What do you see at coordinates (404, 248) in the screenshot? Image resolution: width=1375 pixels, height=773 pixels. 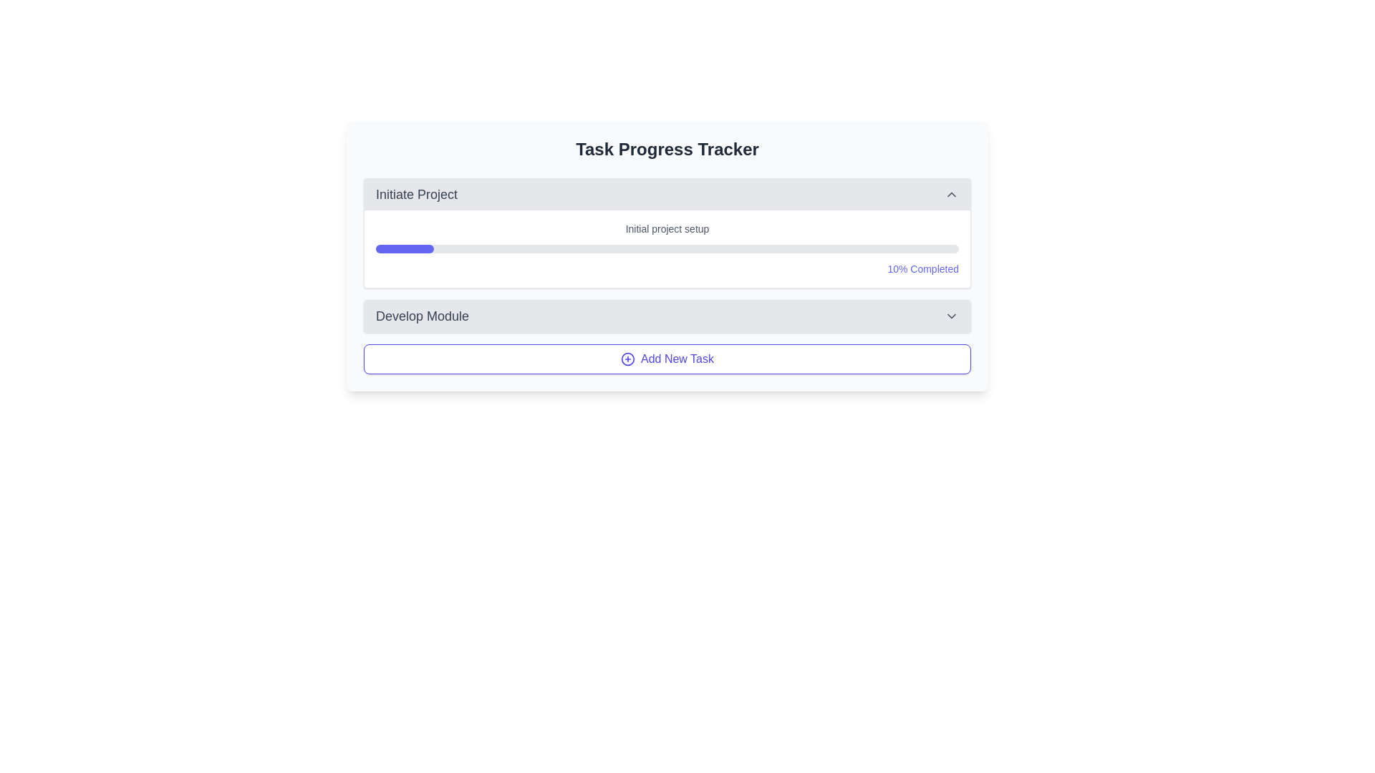 I see `the indigo-colored rectangular progress indicator located under the title 'Initiate Project', which occupies the leftmost 10% of the progress bar` at bounding box center [404, 248].